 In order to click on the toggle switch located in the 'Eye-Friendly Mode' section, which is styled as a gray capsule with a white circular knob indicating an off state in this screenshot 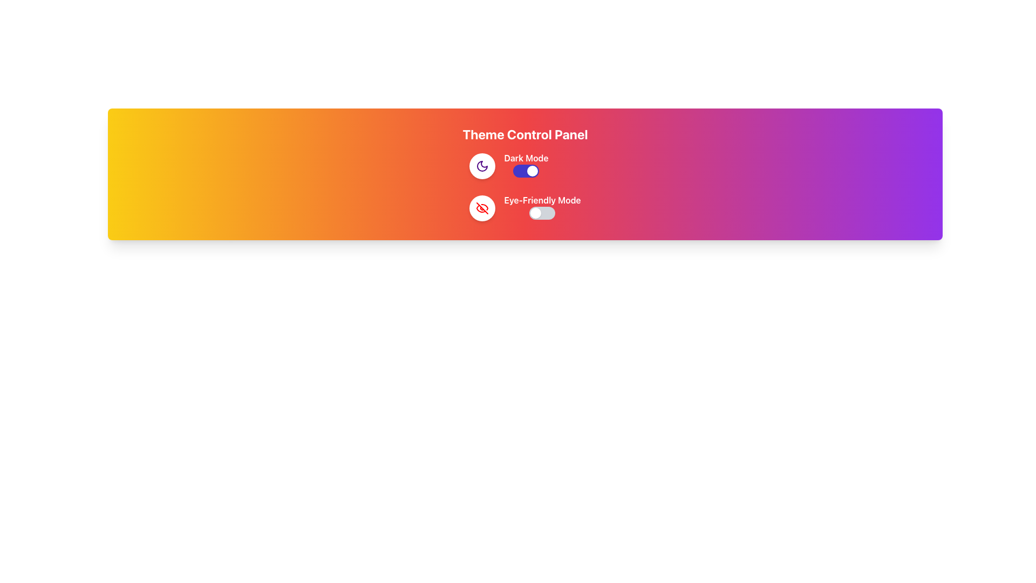, I will do `click(542, 213)`.